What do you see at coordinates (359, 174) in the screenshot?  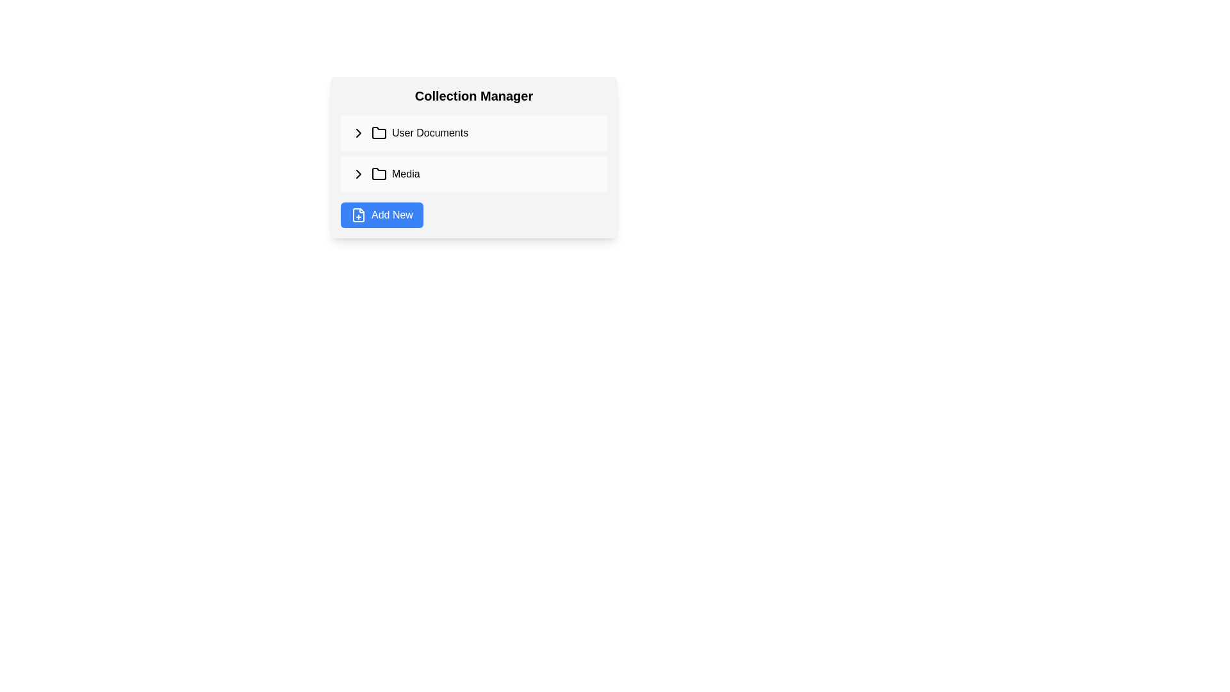 I see `the right-facing chevron icon` at bounding box center [359, 174].